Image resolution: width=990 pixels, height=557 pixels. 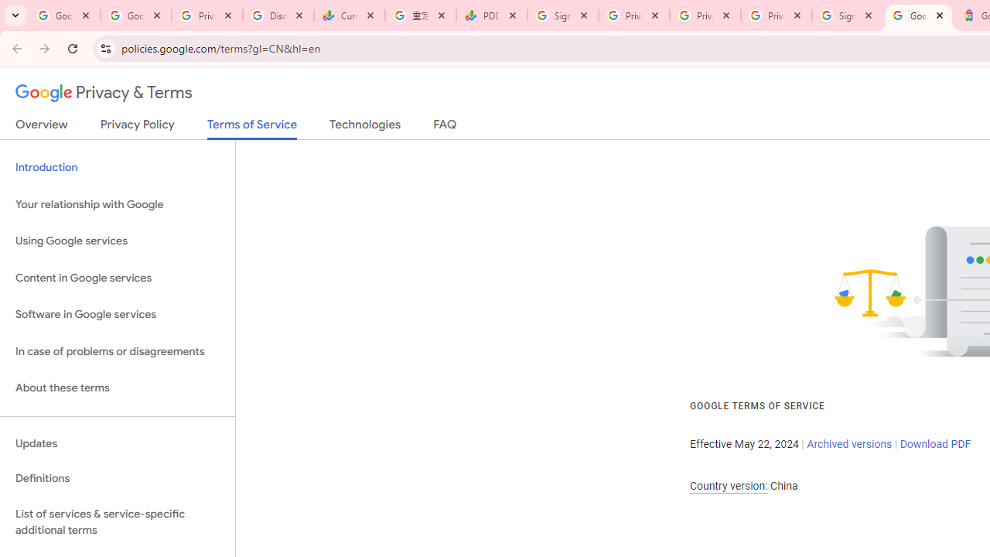 What do you see at coordinates (705, 15) in the screenshot?
I see `'Privacy Checkup'` at bounding box center [705, 15].